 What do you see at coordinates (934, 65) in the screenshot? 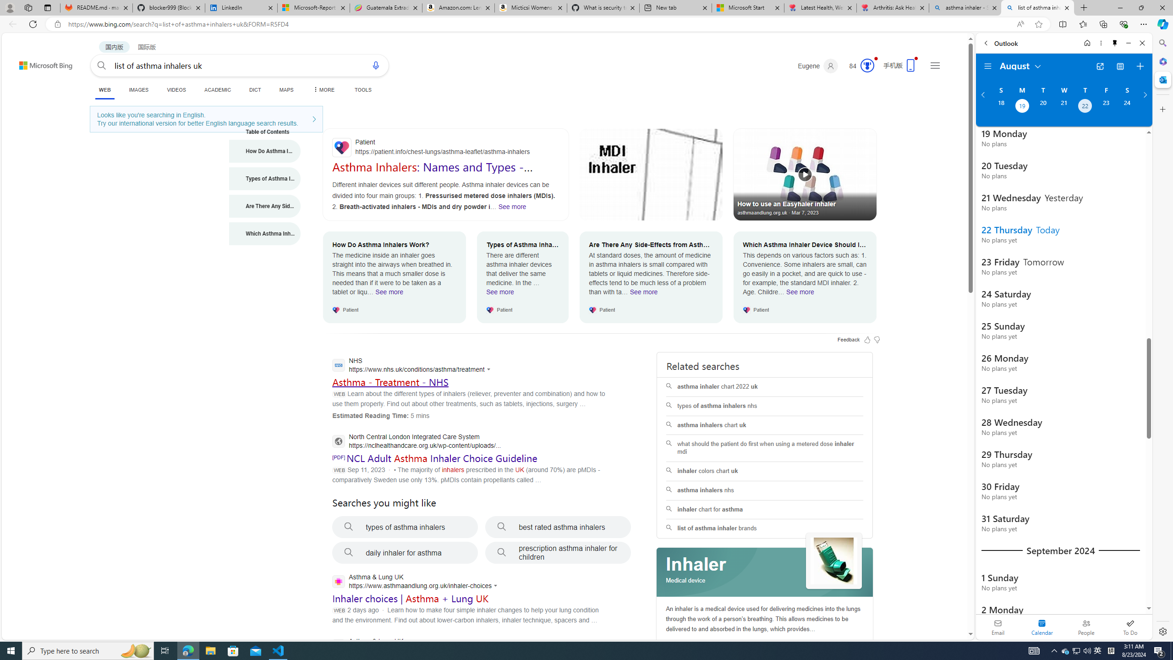
I see `'Settings and quick links'` at bounding box center [934, 65].